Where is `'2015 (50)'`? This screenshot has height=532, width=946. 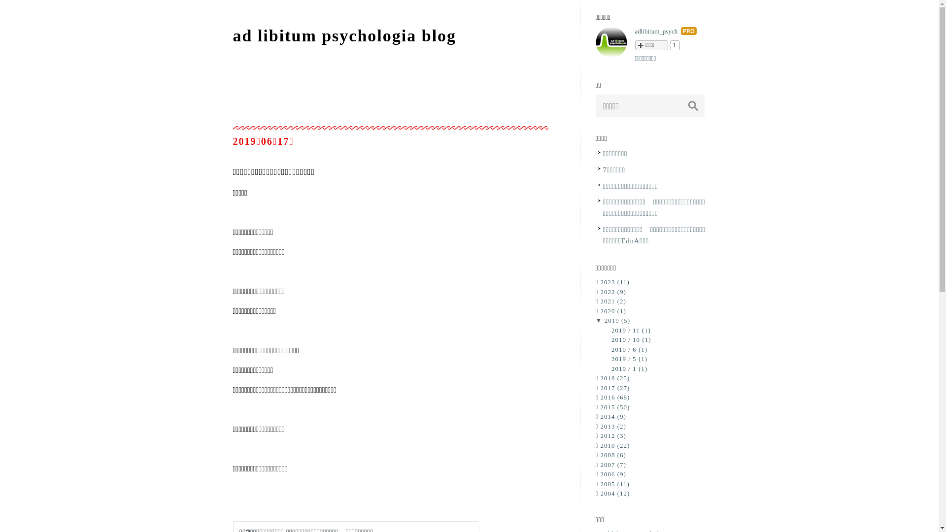 '2015 (50)' is located at coordinates (614, 407).